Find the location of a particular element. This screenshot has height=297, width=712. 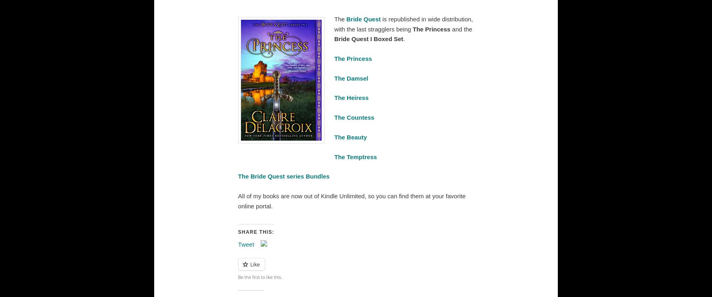

'The Countess' is located at coordinates (354, 117).